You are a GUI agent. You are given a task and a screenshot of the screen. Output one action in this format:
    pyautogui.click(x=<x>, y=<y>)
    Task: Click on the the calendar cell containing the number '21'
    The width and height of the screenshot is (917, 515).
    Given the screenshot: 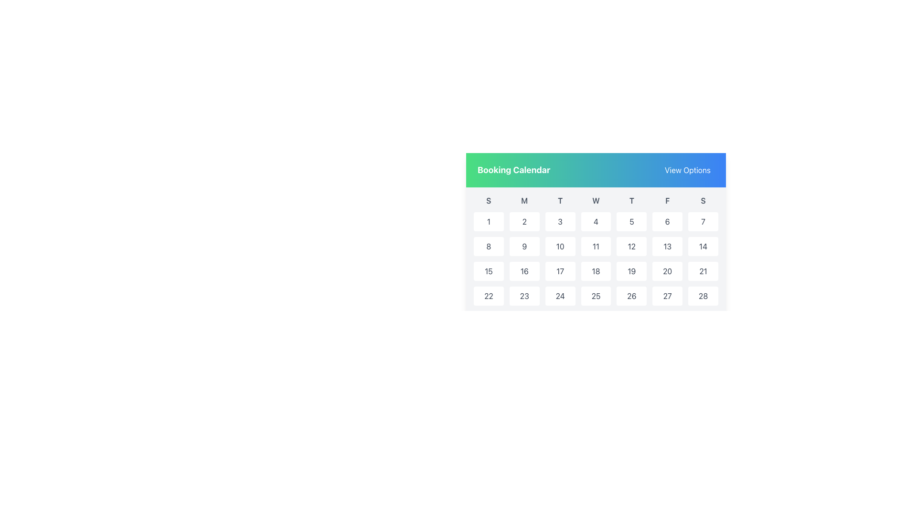 What is the action you would take?
    pyautogui.click(x=703, y=271)
    